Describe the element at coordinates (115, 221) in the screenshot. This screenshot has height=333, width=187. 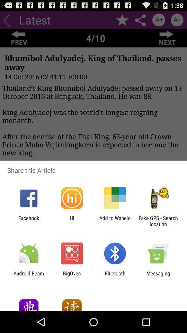
I see `add to wanelo icon` at that location.